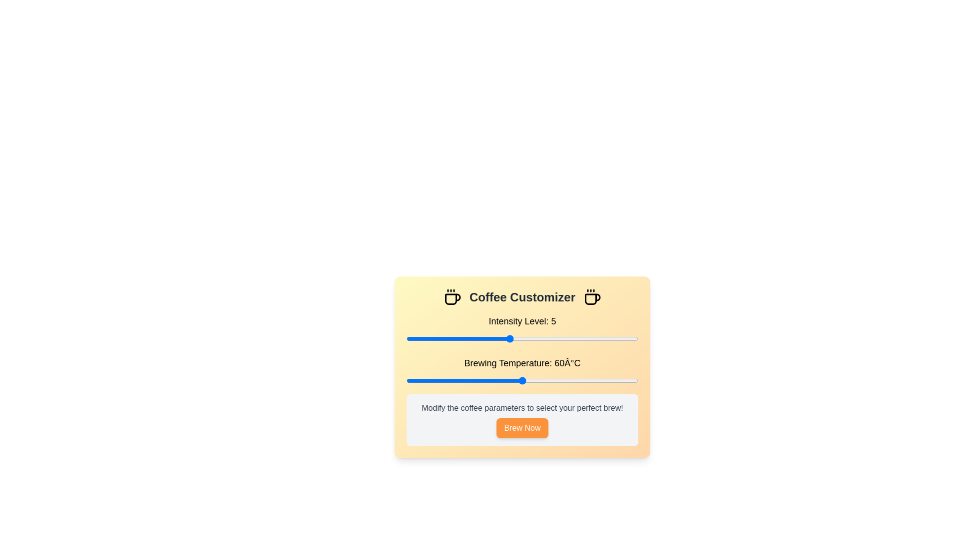  Describe the element at coordinates (561, 338) in the screenshot. I see `the coffee intensity level to 7 by interacting with the slider` at that location.